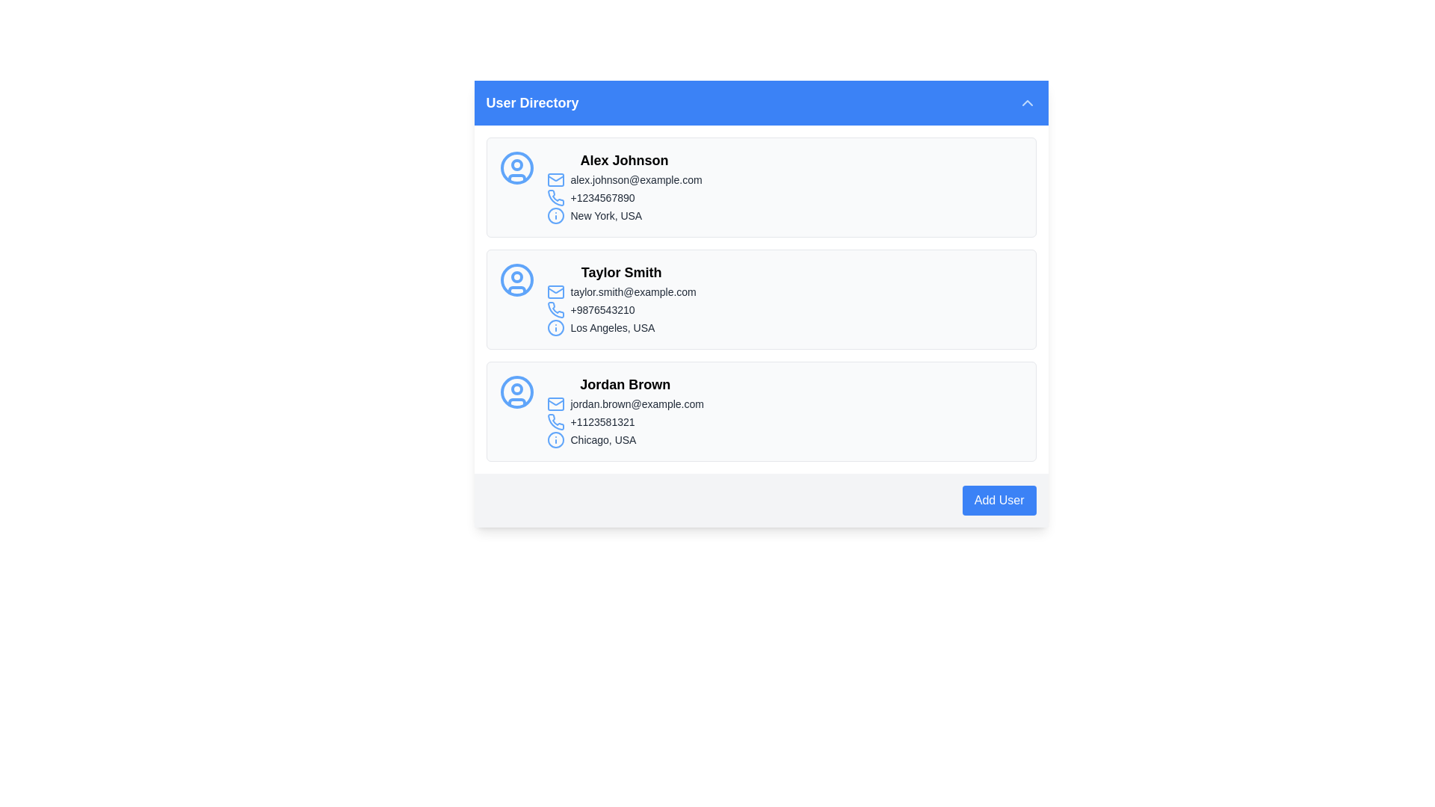 The width and height of the screenshot is (1435, 807). Describe the element at coordinates (625, 412) in the screenshot. I see `the user information element displaying 'Jordan Brown' with icons for email, phone, and location in the user directory list` at that location.